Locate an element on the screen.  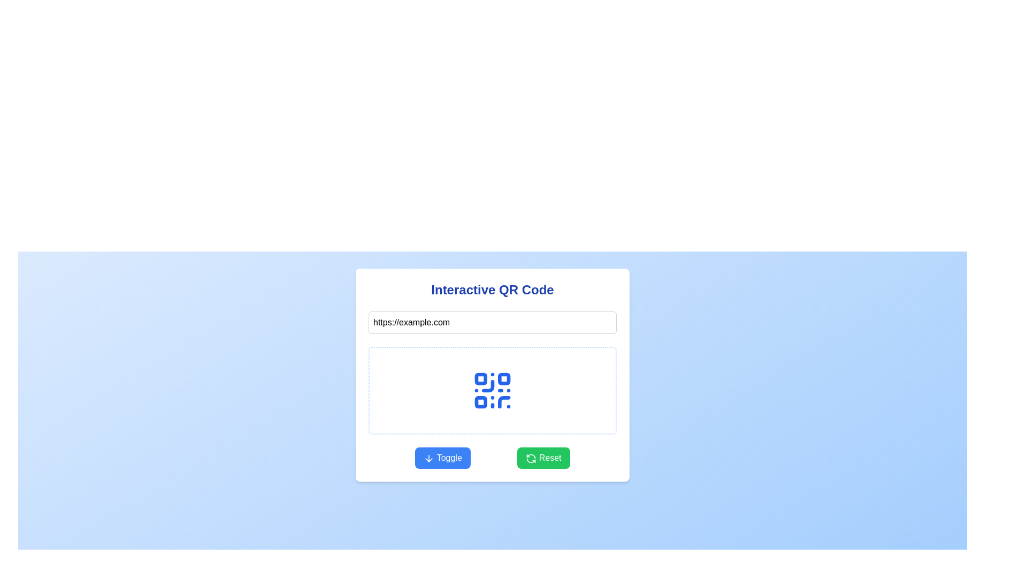
the second square from the top left in the QR code display, located at the top right of the group of squares is located at coordinates (503, 378).